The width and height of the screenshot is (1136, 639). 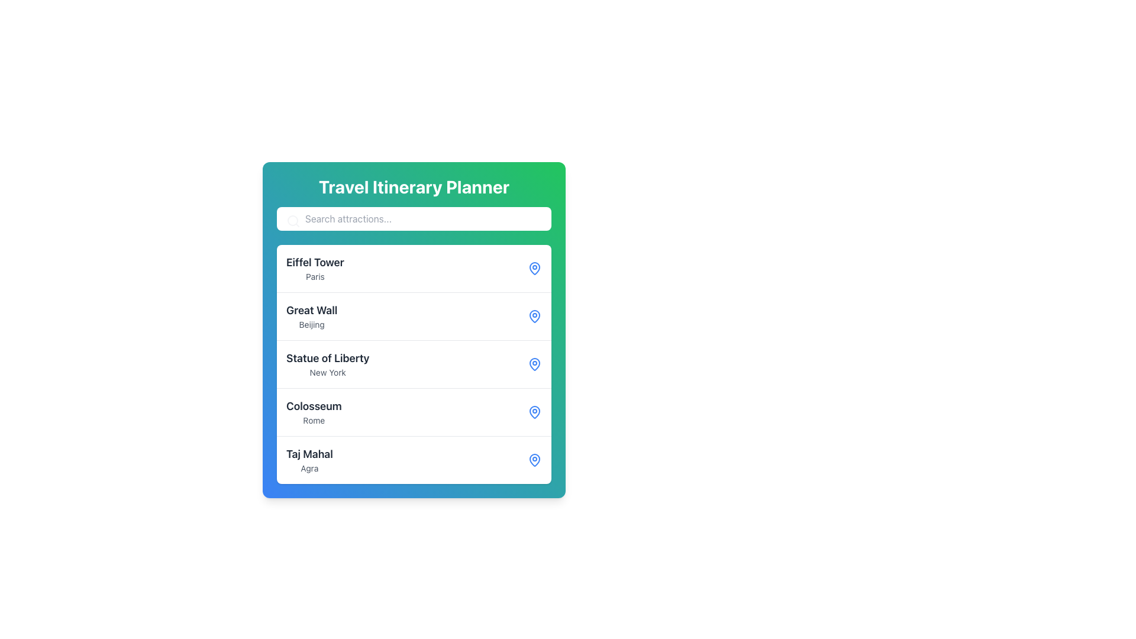 What do you see at coordinates (414, 315) in the screenshot?
I see `to select the list item labeled 'Great Wall' located in the 'Travel Itinerary Planner' beneath 'Eiffel Tower' and above 'Statue of Liberty'` at bounding box center [414, 315].